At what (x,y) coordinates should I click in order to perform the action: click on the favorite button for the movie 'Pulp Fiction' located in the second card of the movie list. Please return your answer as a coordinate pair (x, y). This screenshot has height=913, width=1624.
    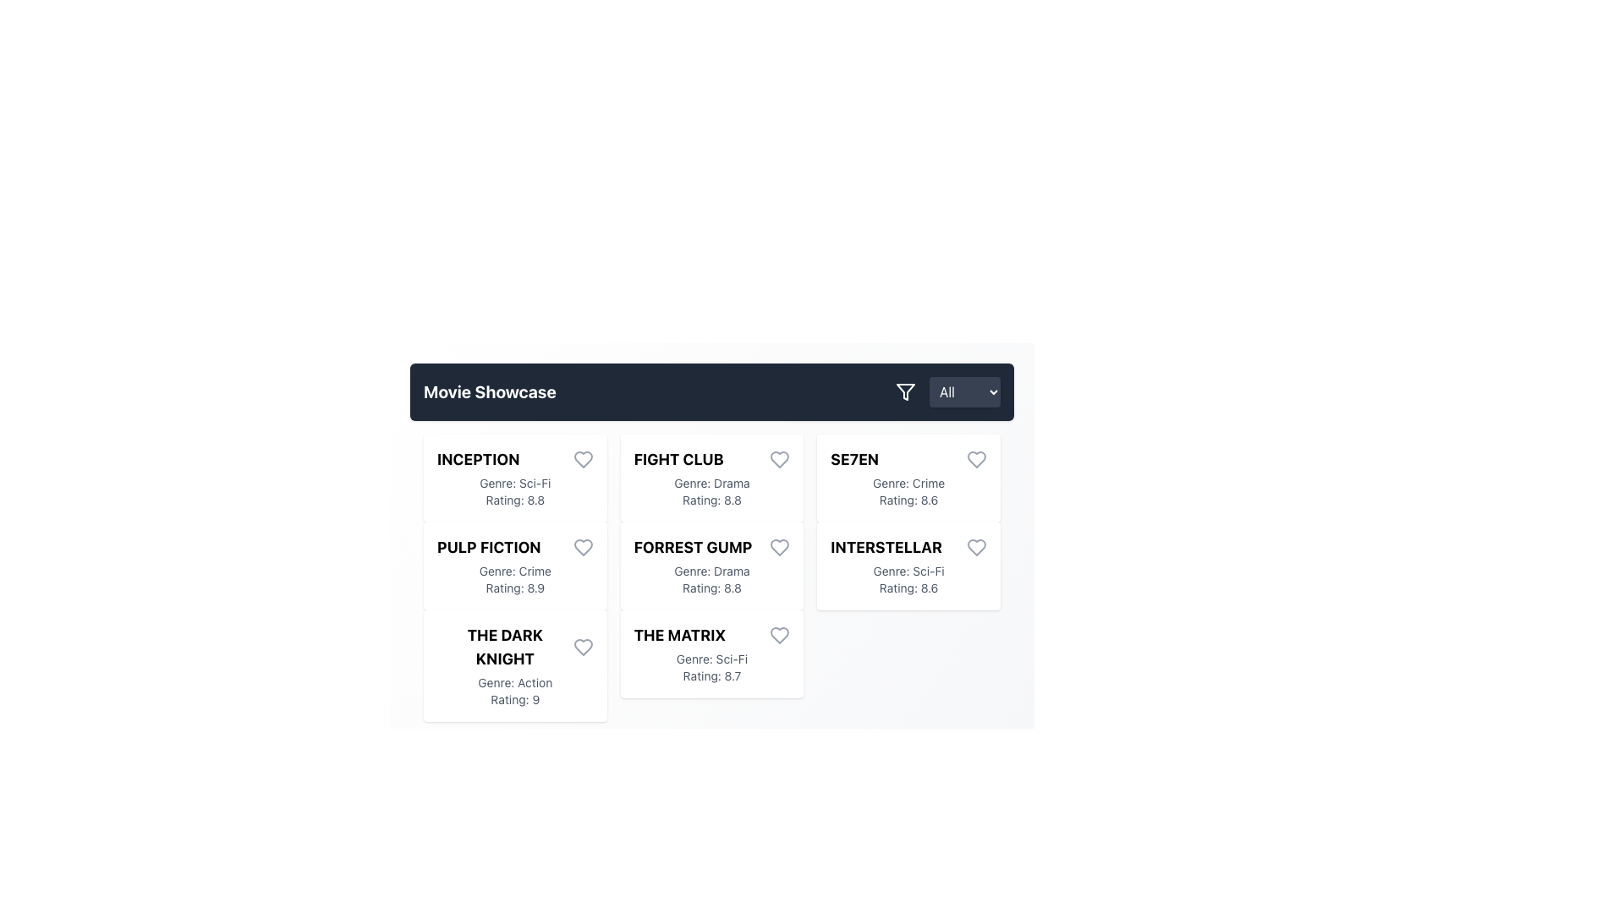
    Looking at the image, I should click on (583, 548).